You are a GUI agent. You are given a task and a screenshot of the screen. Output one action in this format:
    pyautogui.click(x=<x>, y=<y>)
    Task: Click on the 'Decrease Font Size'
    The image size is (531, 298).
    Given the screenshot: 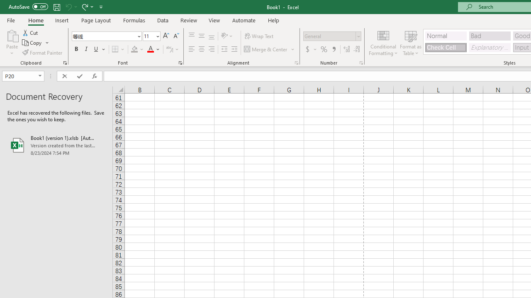 What is the action you would take?
    pyautogui.click(x=175, y=36)
    